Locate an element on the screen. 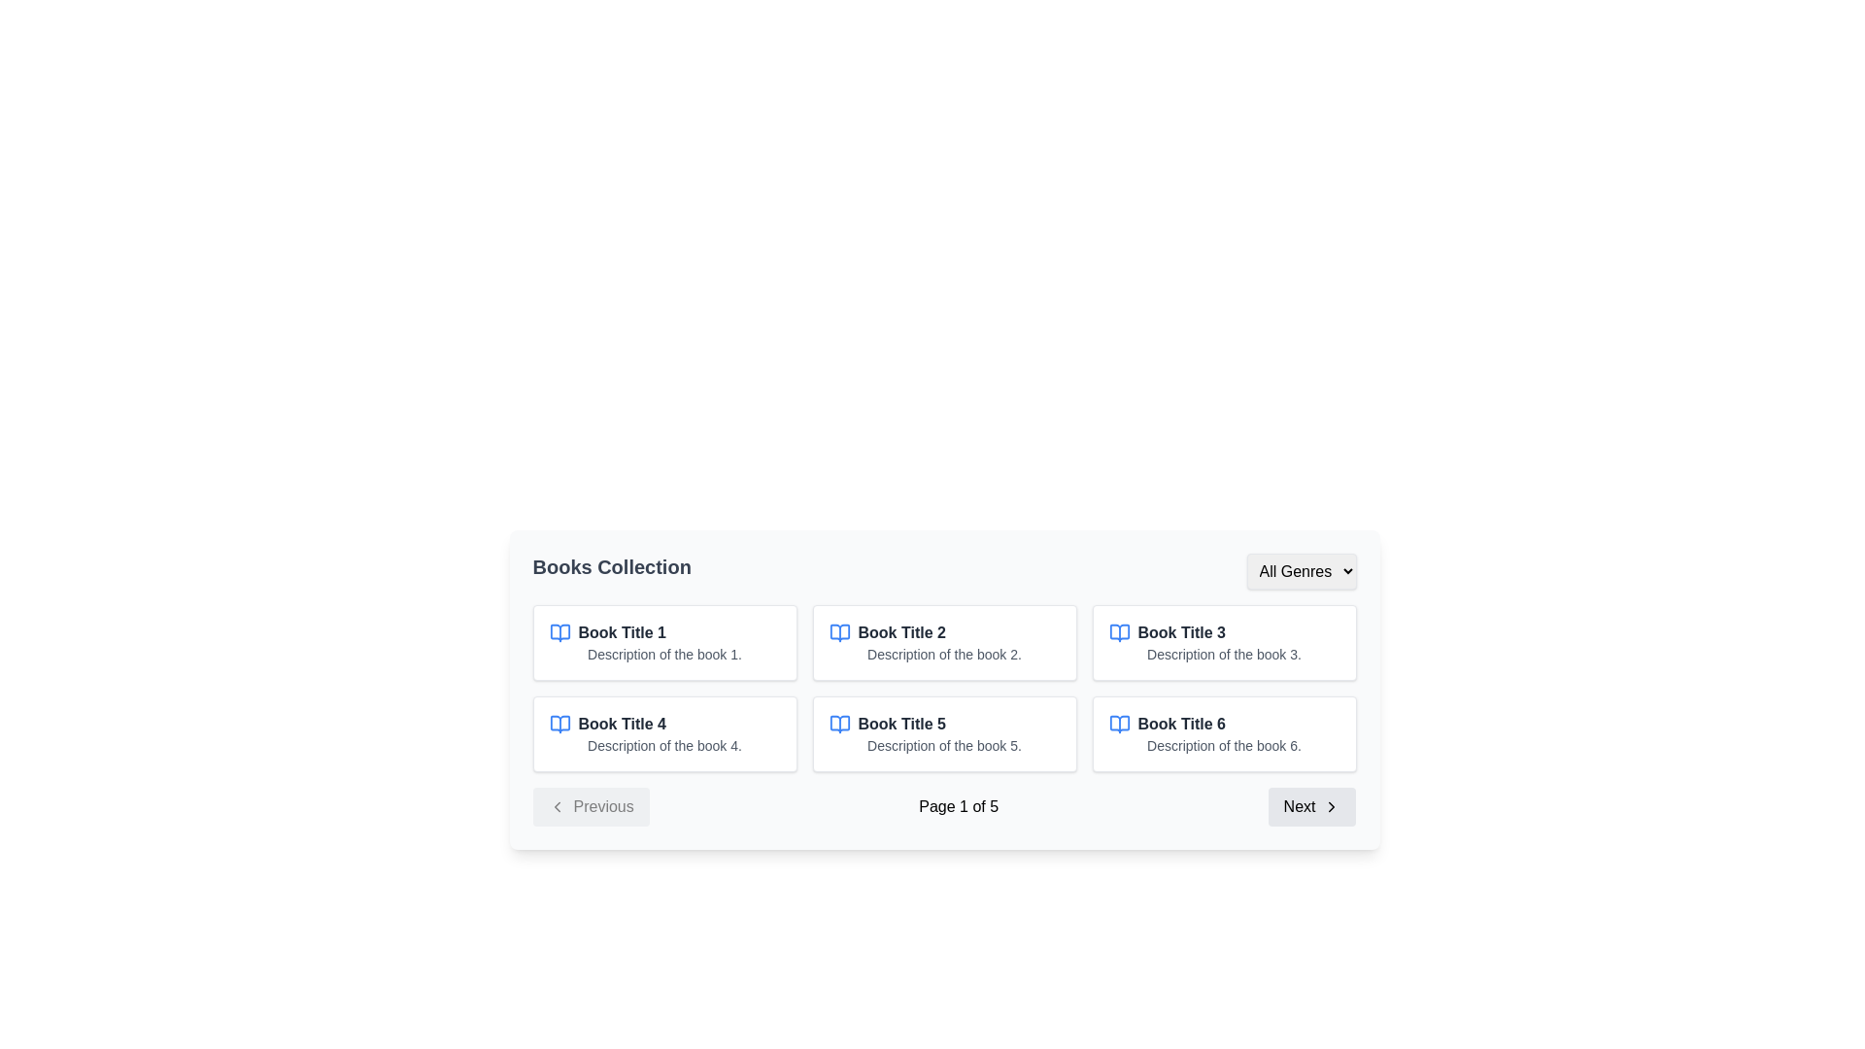 This screenshot has height=1049, width=1865. the first card element representing a book in the grid layout is located at coordinates (664, 643).